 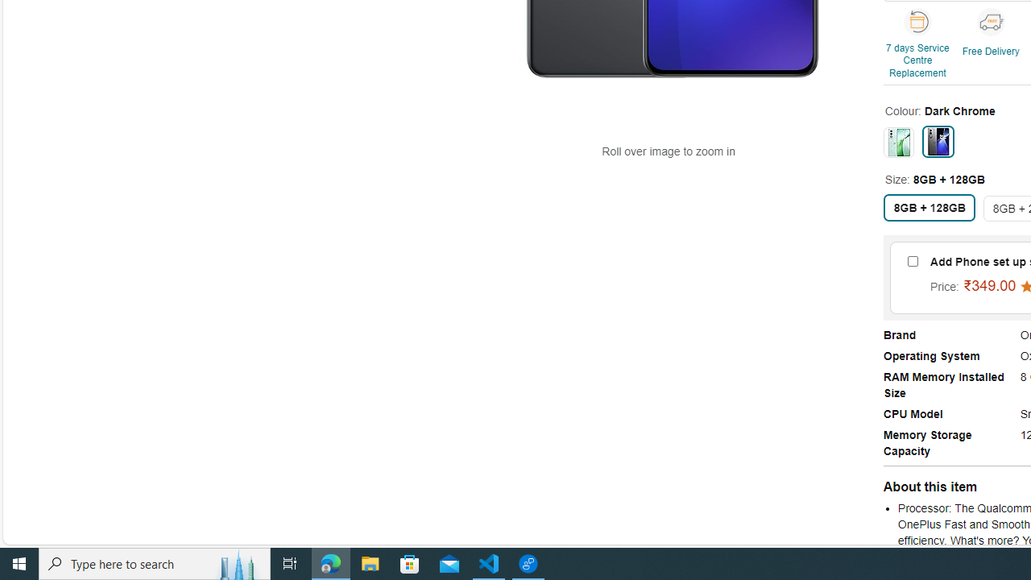 What do you see at coordinates (919, 44) in the screenshot?
I see `'7 days Service Centre Replacement'` at bounding box center [919, 44].